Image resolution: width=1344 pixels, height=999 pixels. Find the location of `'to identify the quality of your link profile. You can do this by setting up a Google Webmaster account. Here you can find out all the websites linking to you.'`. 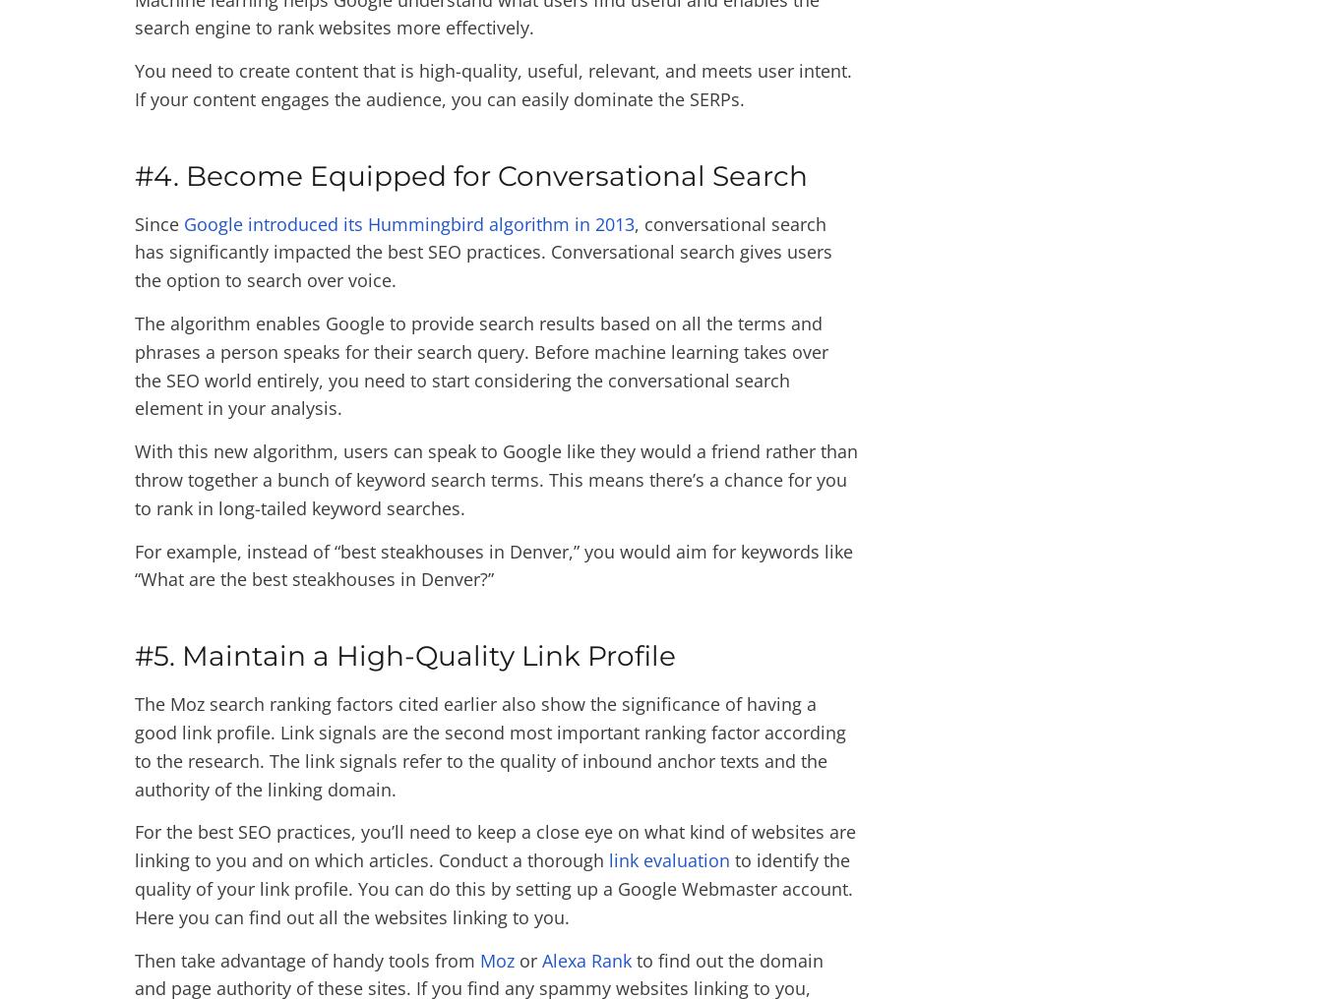

'to identify the quality of your link profile. You can do this by setting up a Google Webmaster account. Here you can find out all the websites linking to you.' is located at coordinates (494, 887).